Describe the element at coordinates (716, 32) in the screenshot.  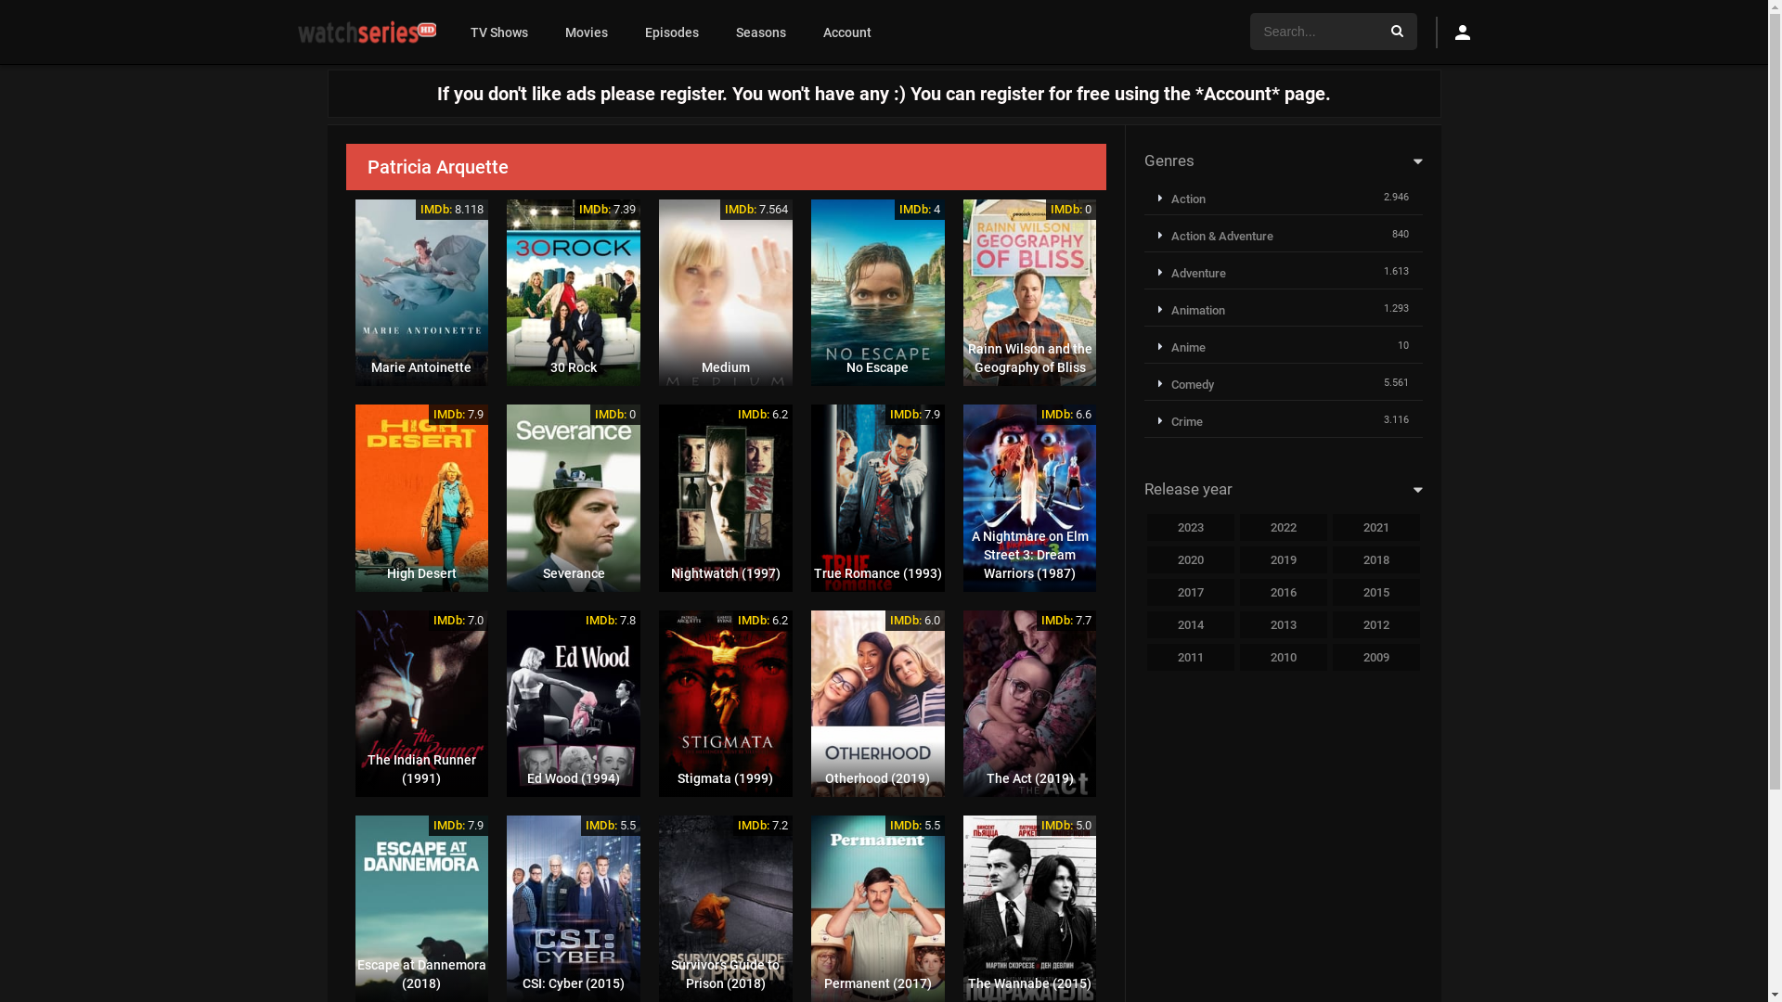
I see `'Seasons'` at that location.